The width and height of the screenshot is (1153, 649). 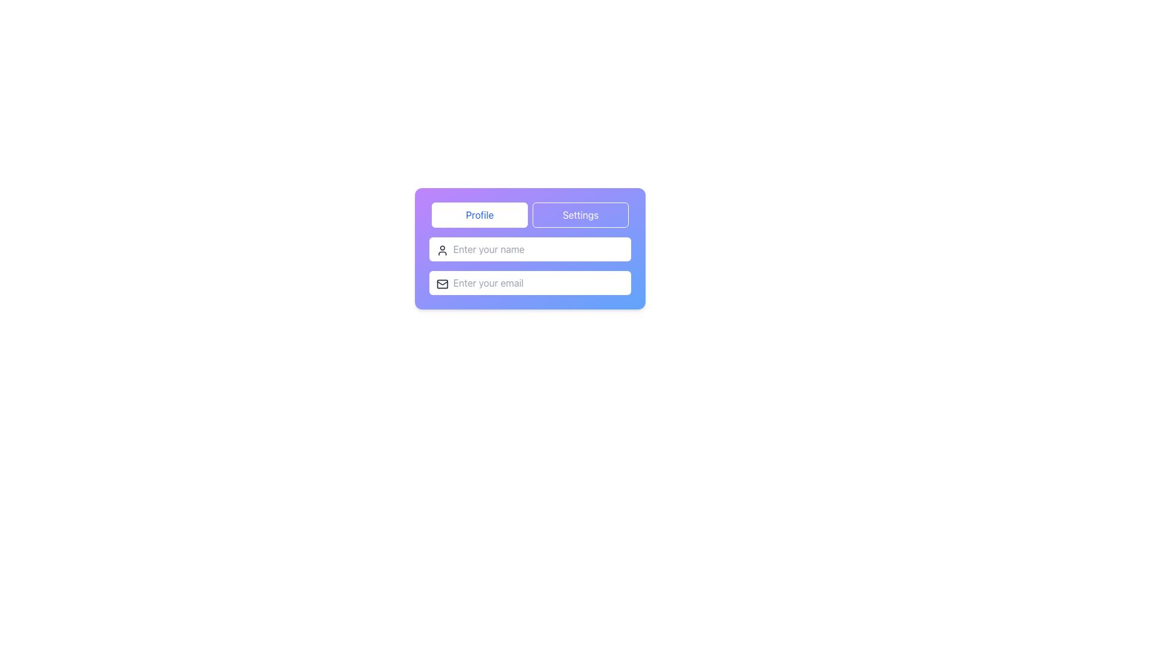 I want to click on the email input icon located inside the 'Enter your email' text field to receive additional information, such as a tooltip, so click(x=442, y=284).